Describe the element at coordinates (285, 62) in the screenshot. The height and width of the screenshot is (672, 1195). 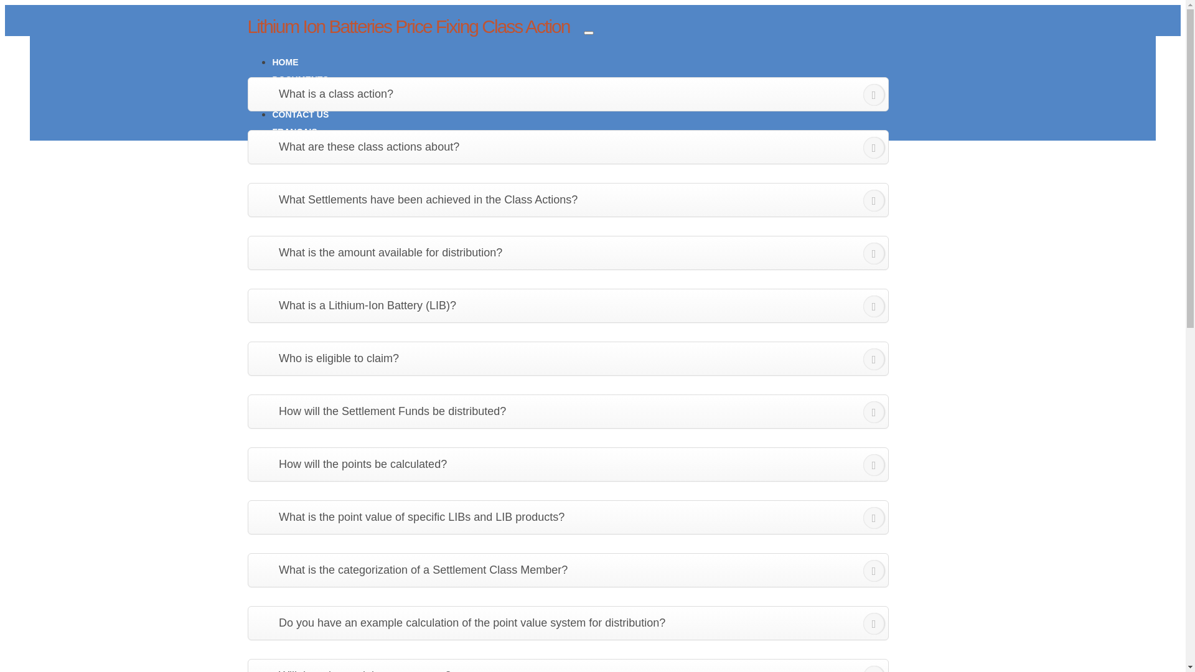
I see `'HOME'` at that location.